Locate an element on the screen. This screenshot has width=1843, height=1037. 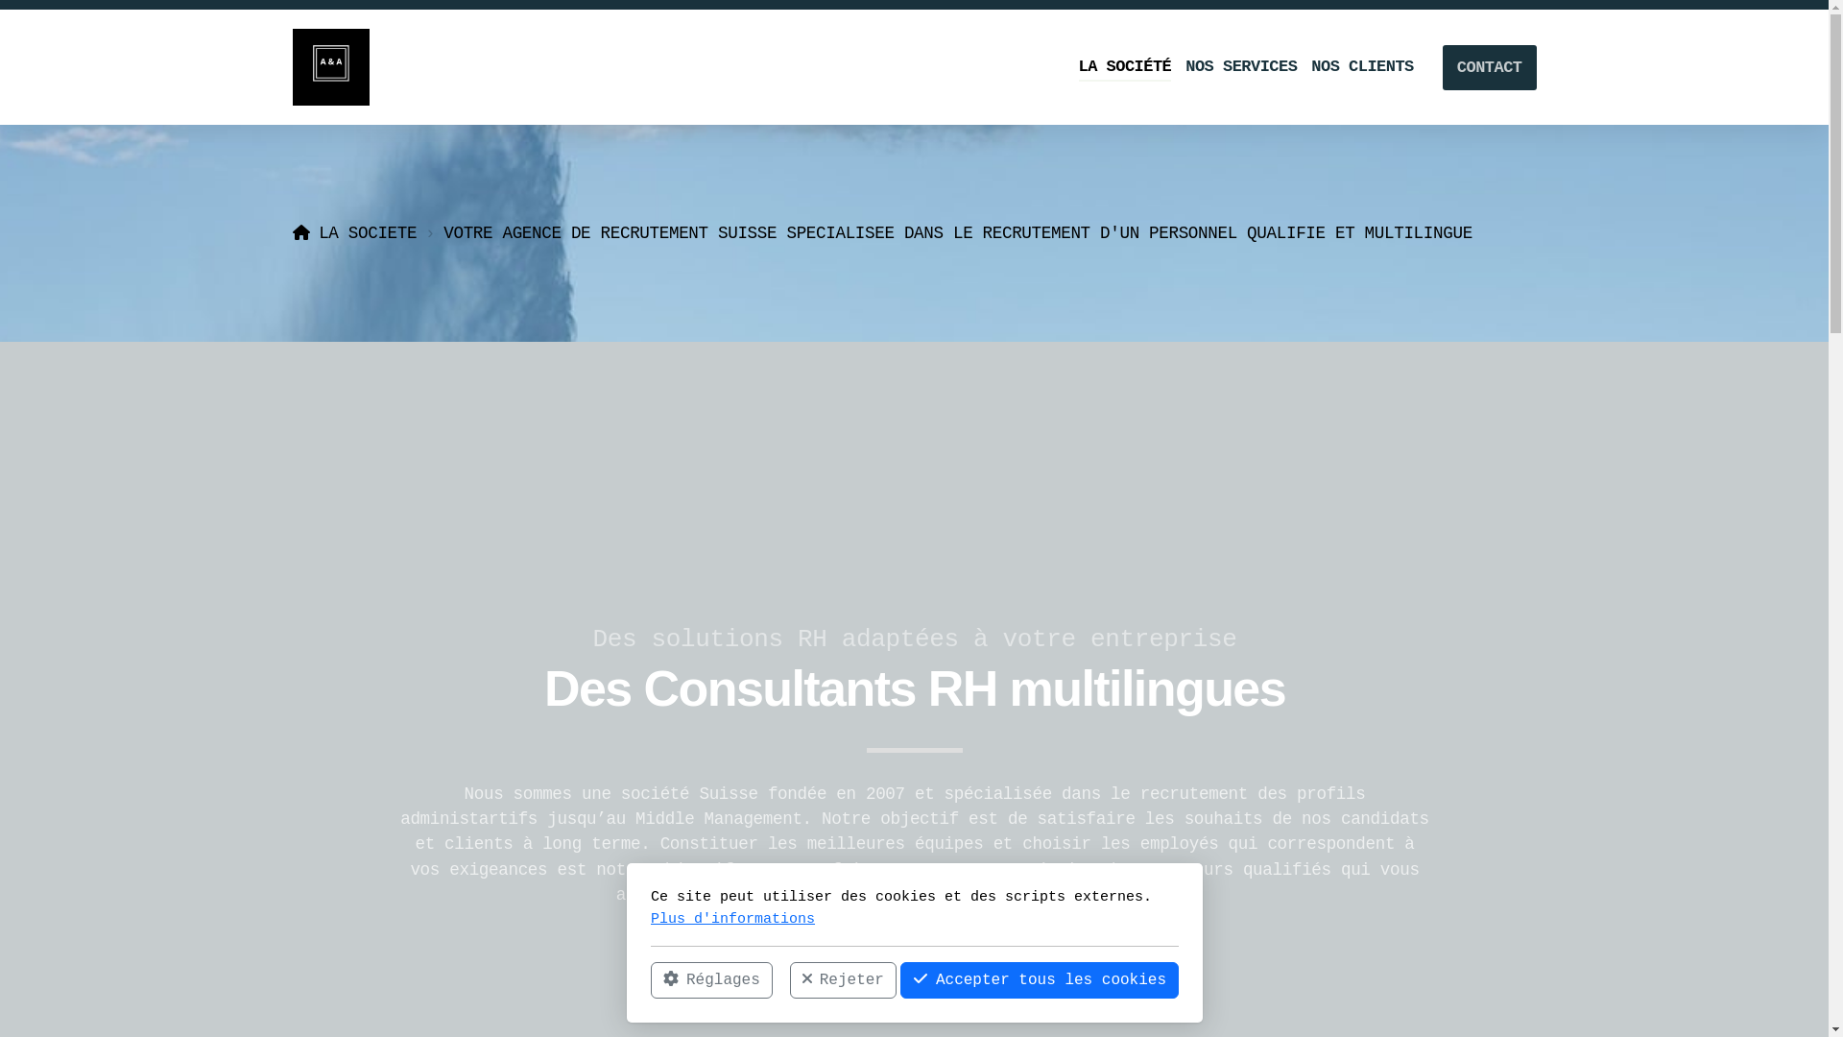
'Rejeter' is located at coordinates (842, 980).